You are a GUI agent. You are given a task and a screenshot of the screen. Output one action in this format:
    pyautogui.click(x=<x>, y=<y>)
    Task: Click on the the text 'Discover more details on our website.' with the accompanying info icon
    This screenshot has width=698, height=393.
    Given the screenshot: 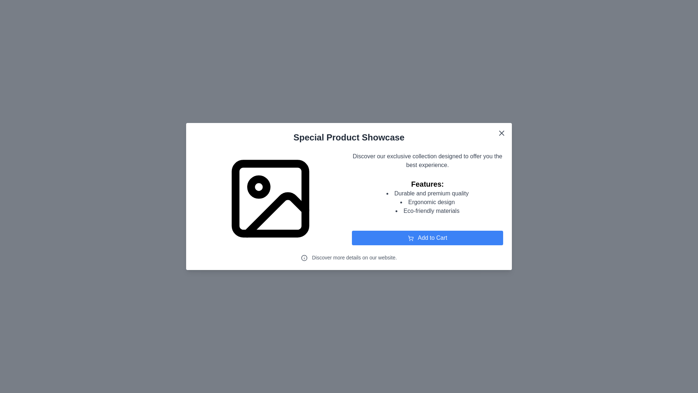 What is the action you would take?
    pyautogui.click(x=349, y=257)
    